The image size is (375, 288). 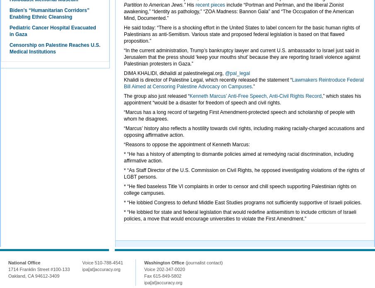 I want to click on '* “As Staff Director of the U.S. Commission on Civil Rights, he opposed investigating violations of the rights of LGBT persons.', so click(x=244, y=174).